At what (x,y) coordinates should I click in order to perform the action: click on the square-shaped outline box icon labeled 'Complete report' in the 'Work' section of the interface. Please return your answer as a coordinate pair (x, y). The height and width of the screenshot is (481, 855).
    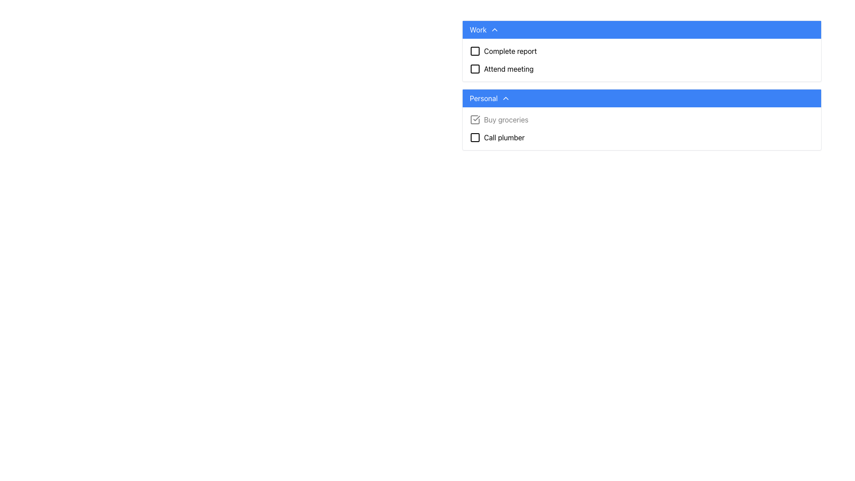
    Looking at the image, I should click on (474, 51).